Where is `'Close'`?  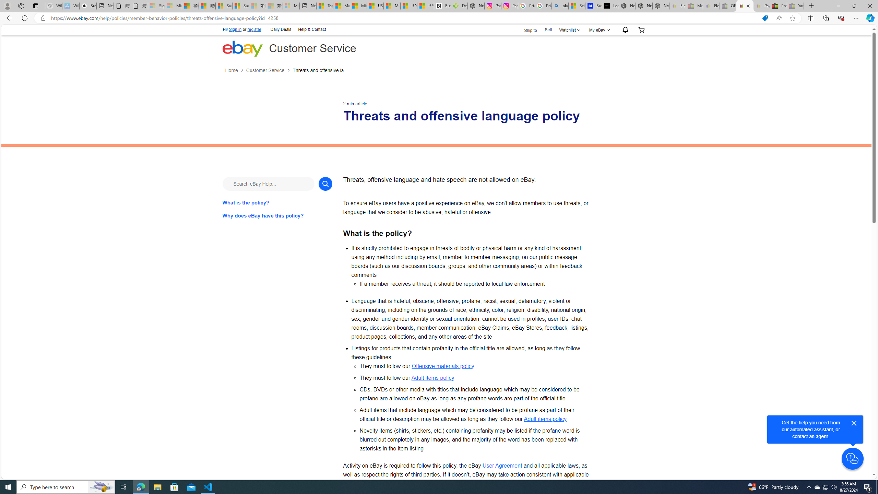 'Close' is located at coordinates (853, 423).